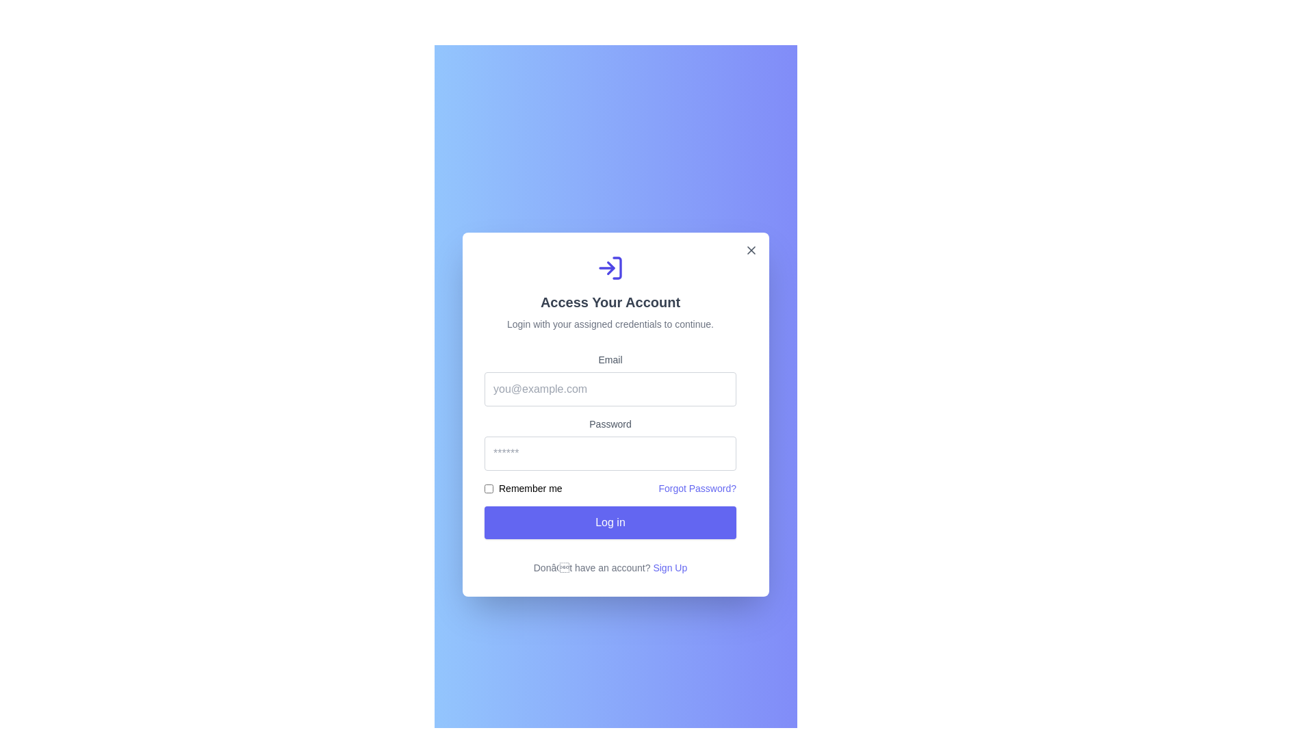  What do you see at coordinates (522, 487) in the screenshot?
I see `the checkbox labeled 'Remember me'` at bounding box center [522, 487].